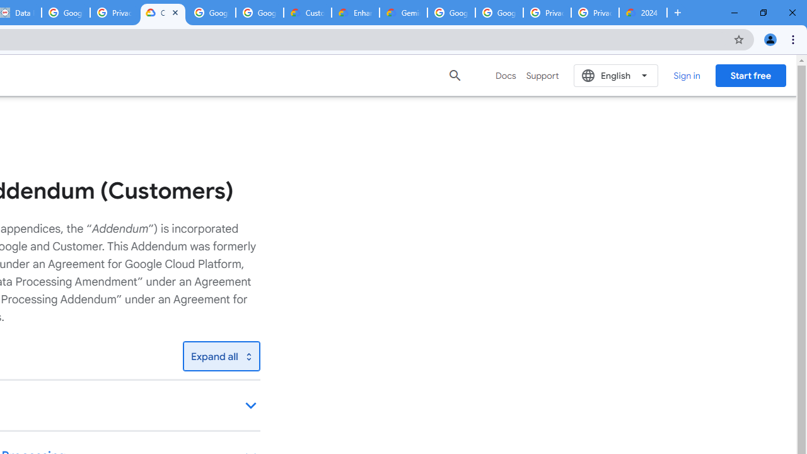  I want to click on 'Toggle all', so click(221, 356).